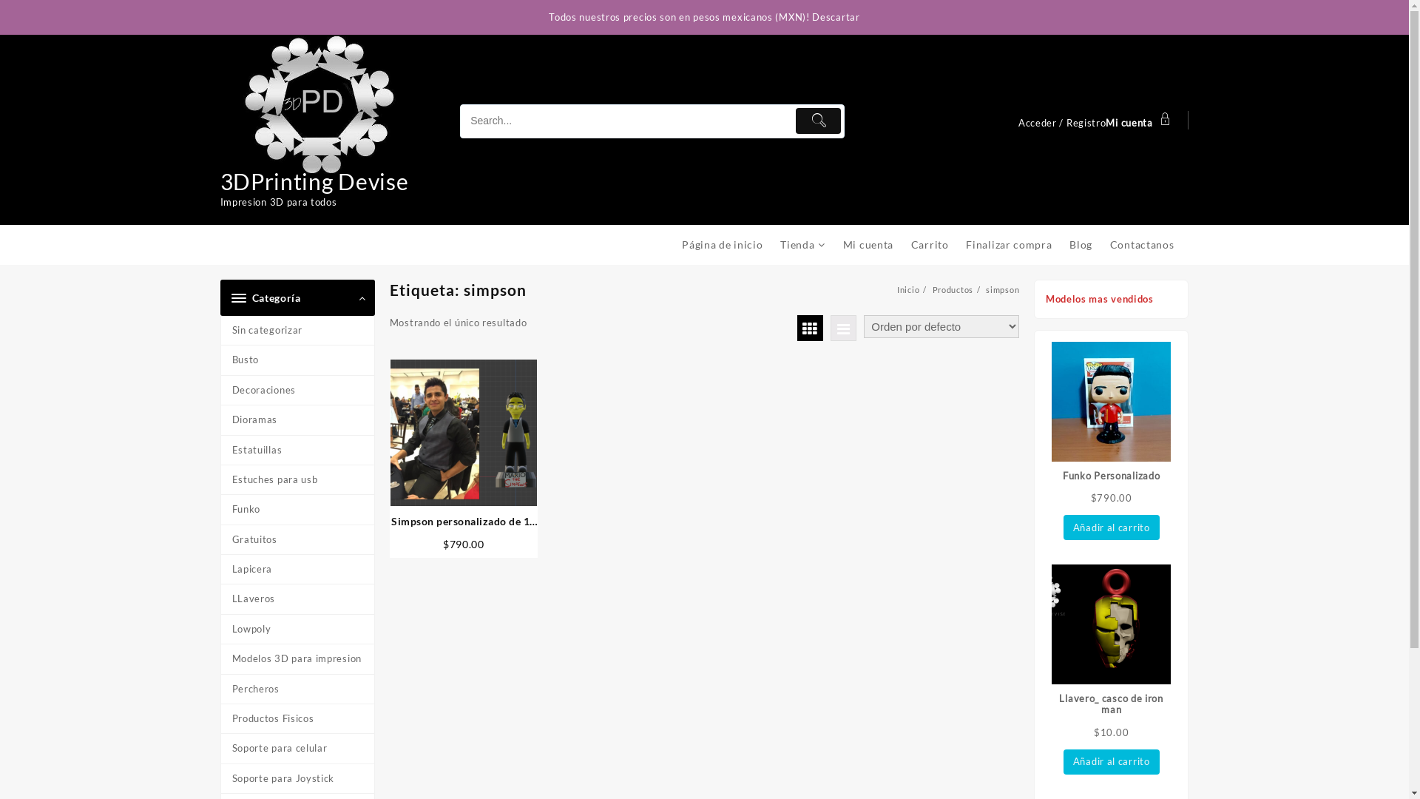 The image size is (1420, 799). I want to click on 'Soporte para Joystick', so click(297, 778).